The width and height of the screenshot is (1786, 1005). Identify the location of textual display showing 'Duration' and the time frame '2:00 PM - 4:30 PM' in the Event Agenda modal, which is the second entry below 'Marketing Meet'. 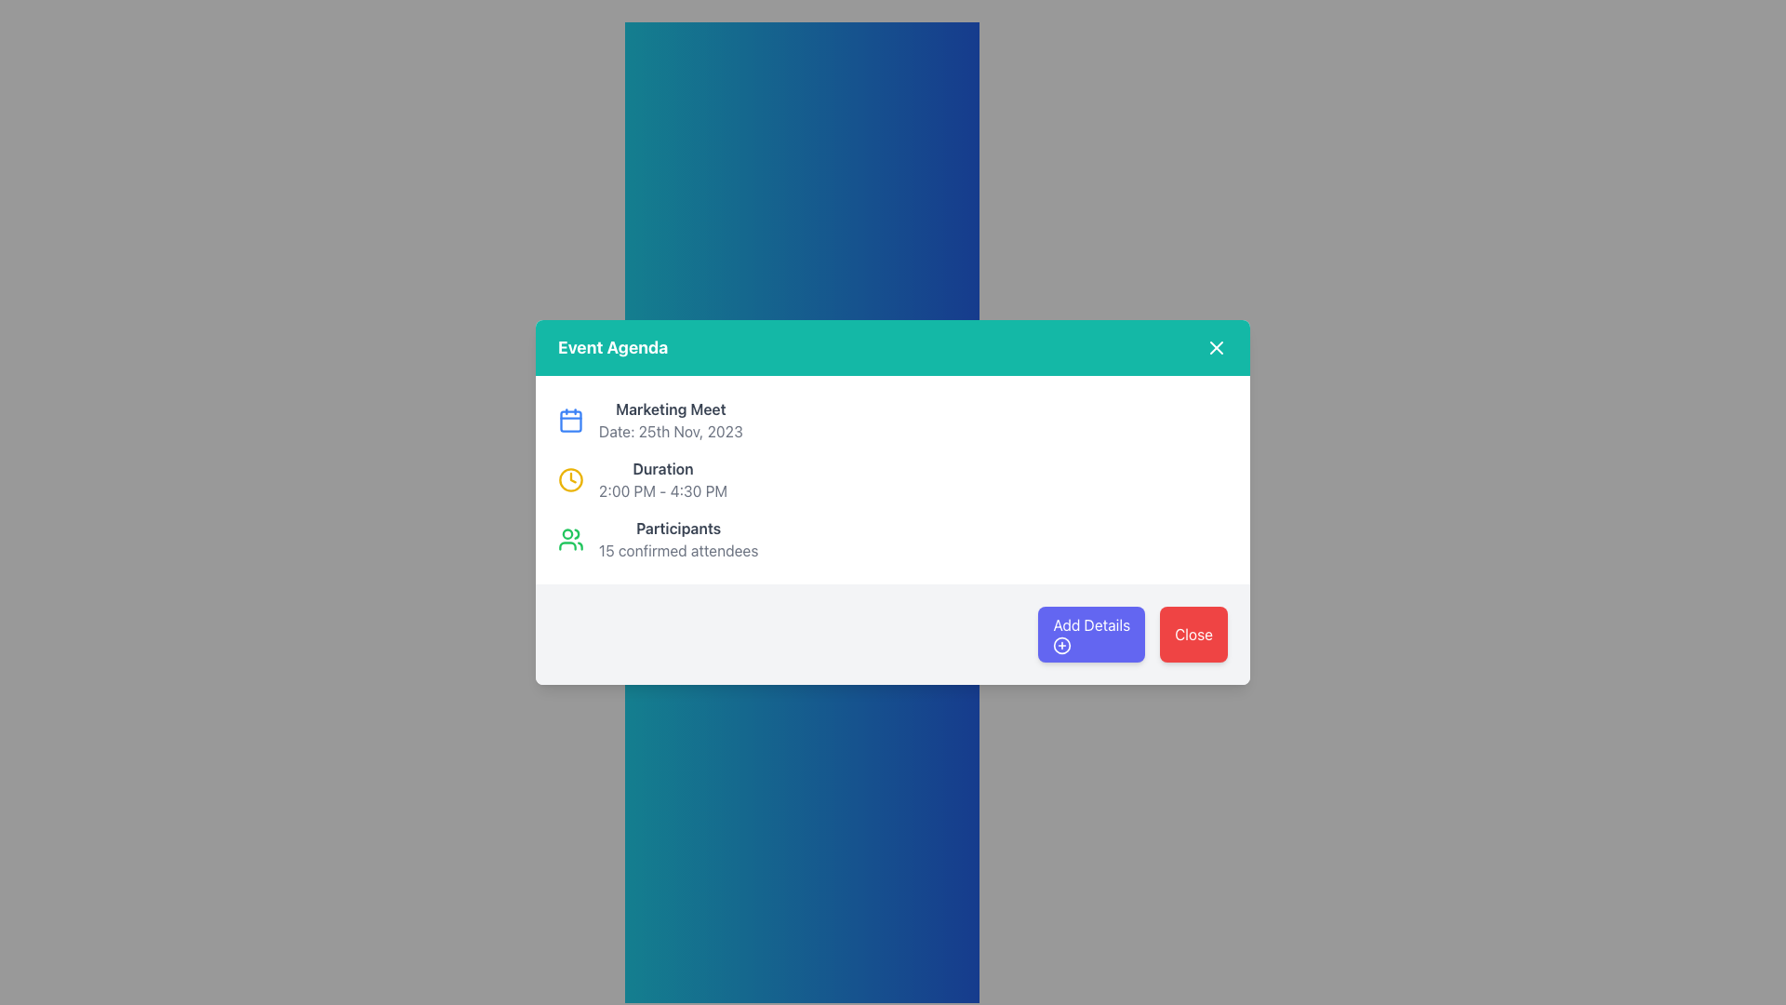
(663, 479).